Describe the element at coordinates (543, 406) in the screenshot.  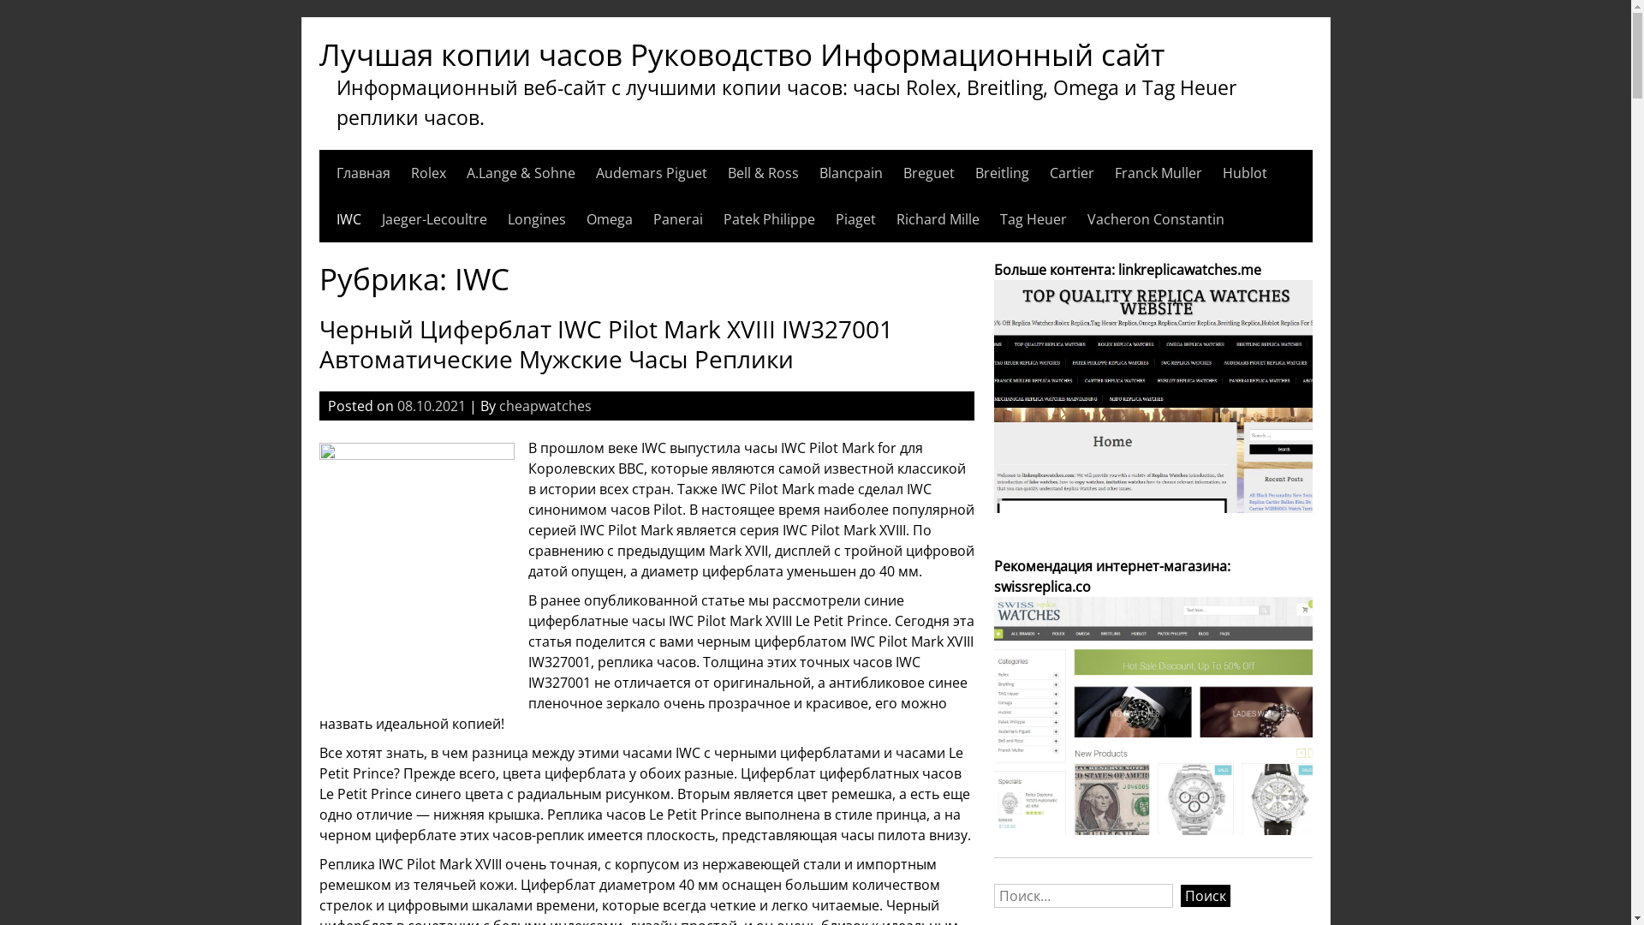
I see `'cheapwatches'` at that location.